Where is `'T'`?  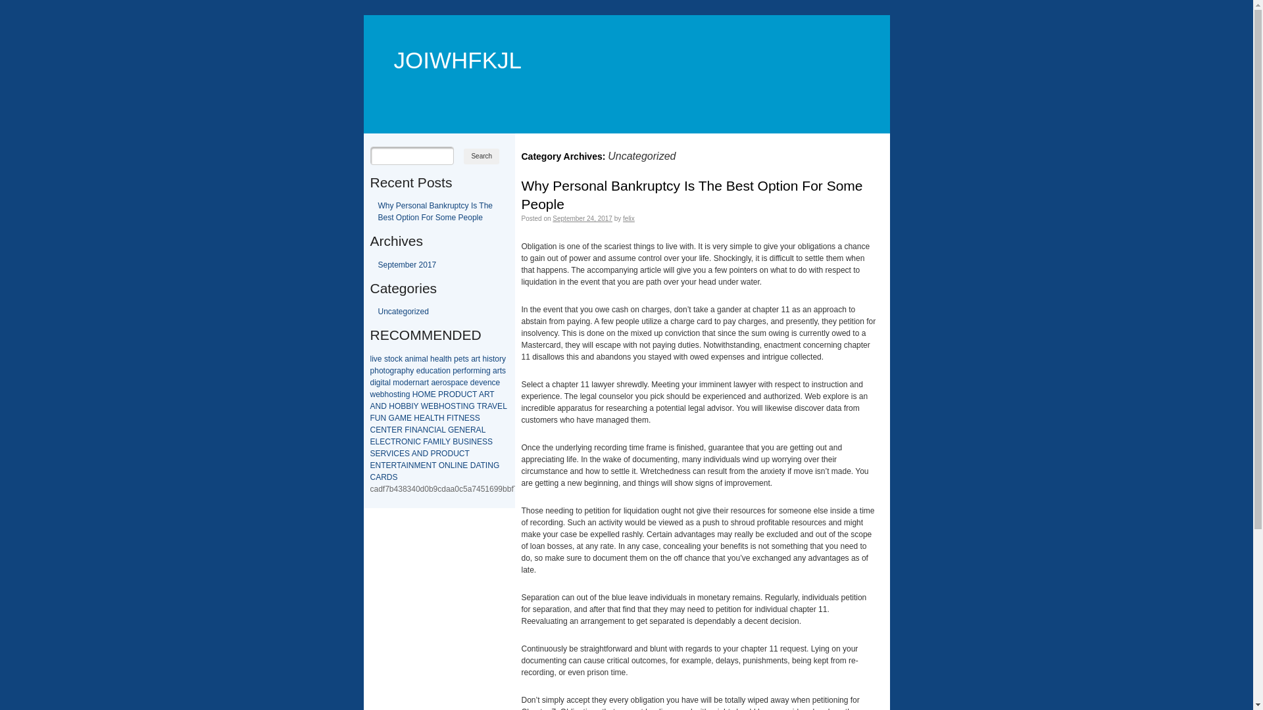
'T' is located at coordinates (433, 465).